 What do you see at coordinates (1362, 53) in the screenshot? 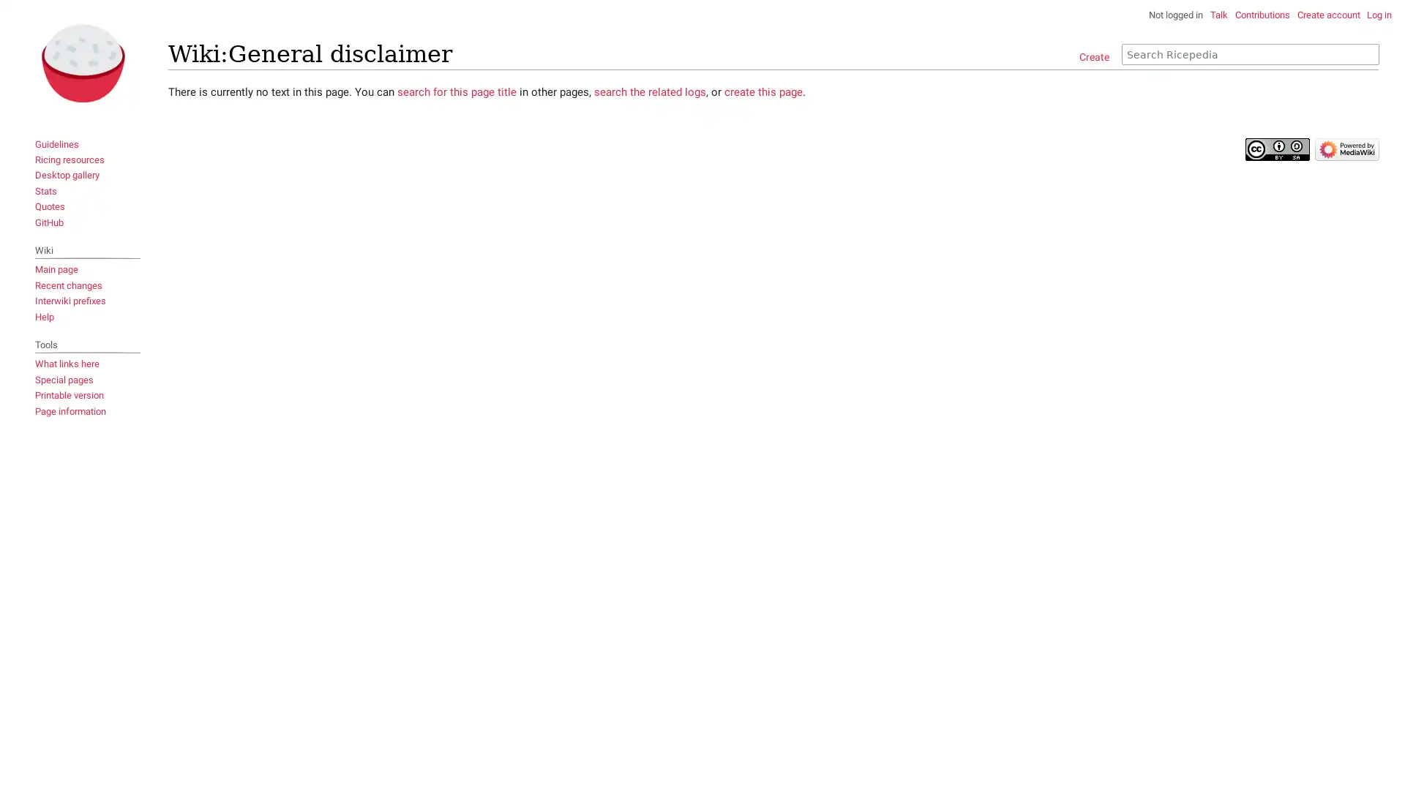
I see `Go` at bounding box center [1362, 53].